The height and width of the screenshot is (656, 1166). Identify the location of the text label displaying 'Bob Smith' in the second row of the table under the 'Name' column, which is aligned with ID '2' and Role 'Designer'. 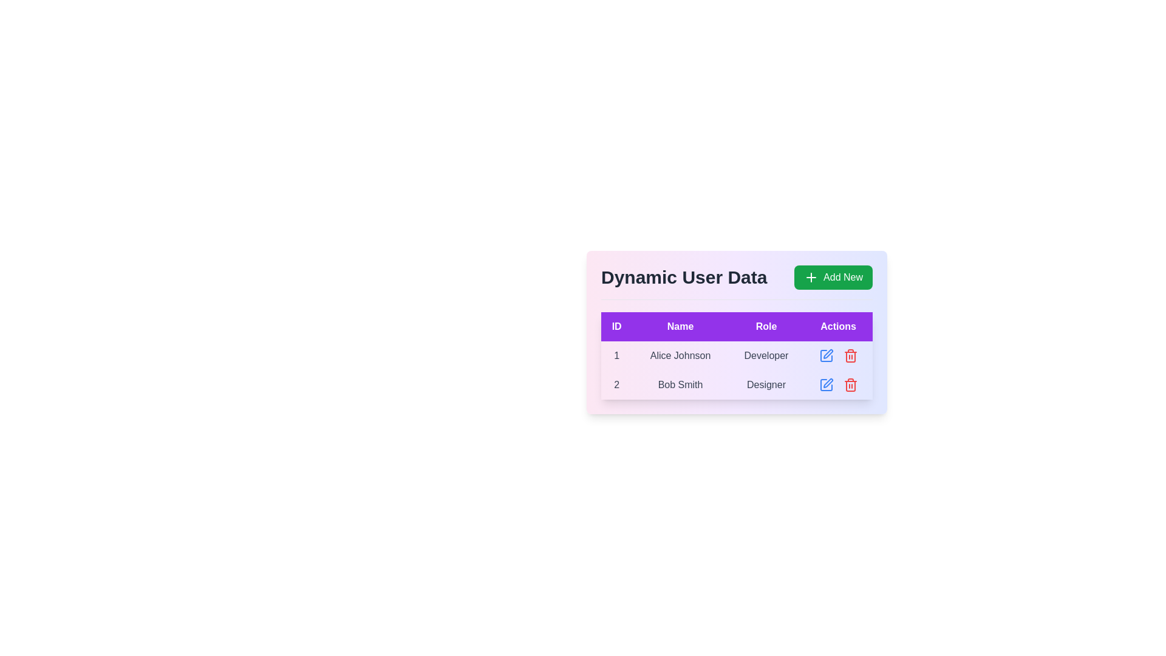
(680, 384).